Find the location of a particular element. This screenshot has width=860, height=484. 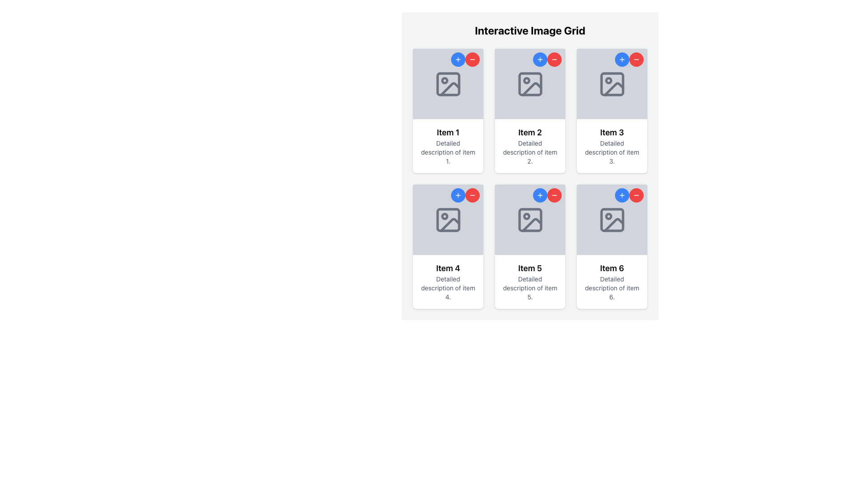

the interactive control button located on the upper-right side of the third item in the grid layout is located at coordinates (636, 59).